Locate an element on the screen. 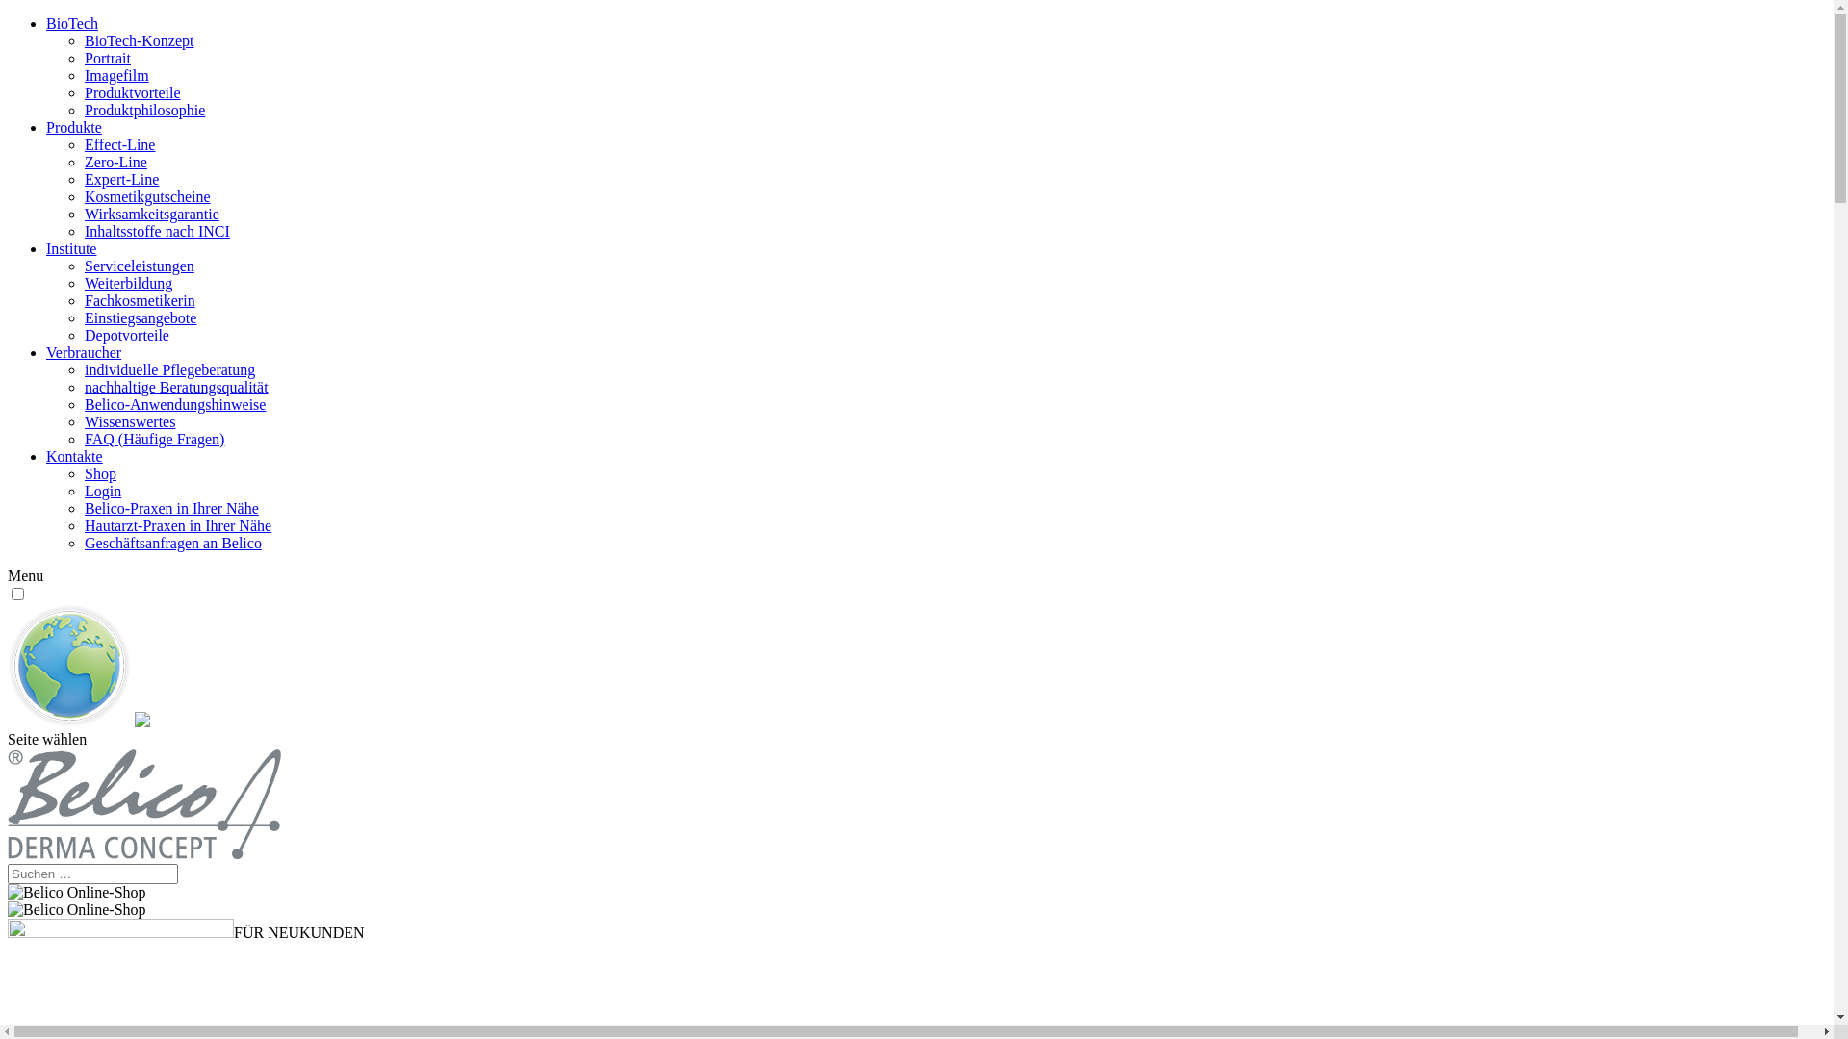  'Wissenswertes' is located at coordinates (128, 420).